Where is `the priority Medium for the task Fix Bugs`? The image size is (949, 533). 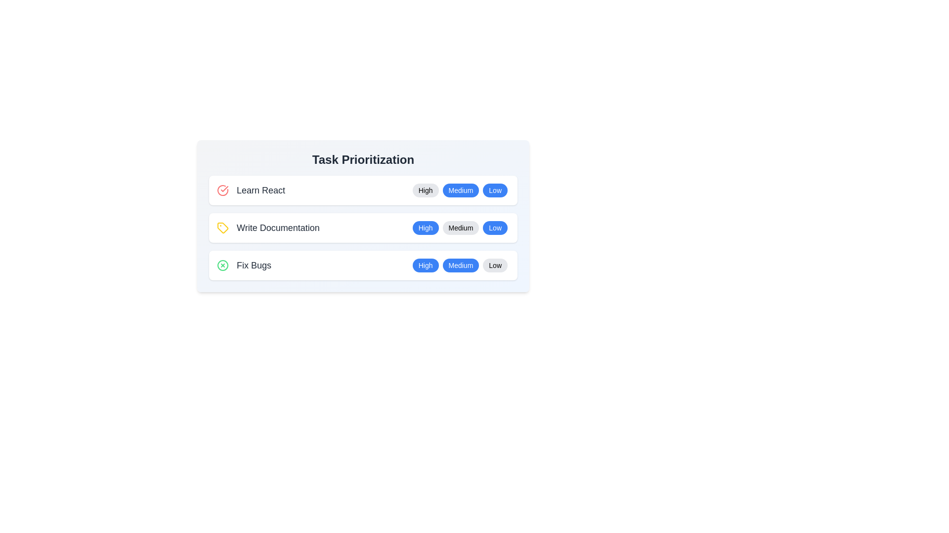
the priority Medium for the task Fix Bugs is located at coordinates (460, 265).